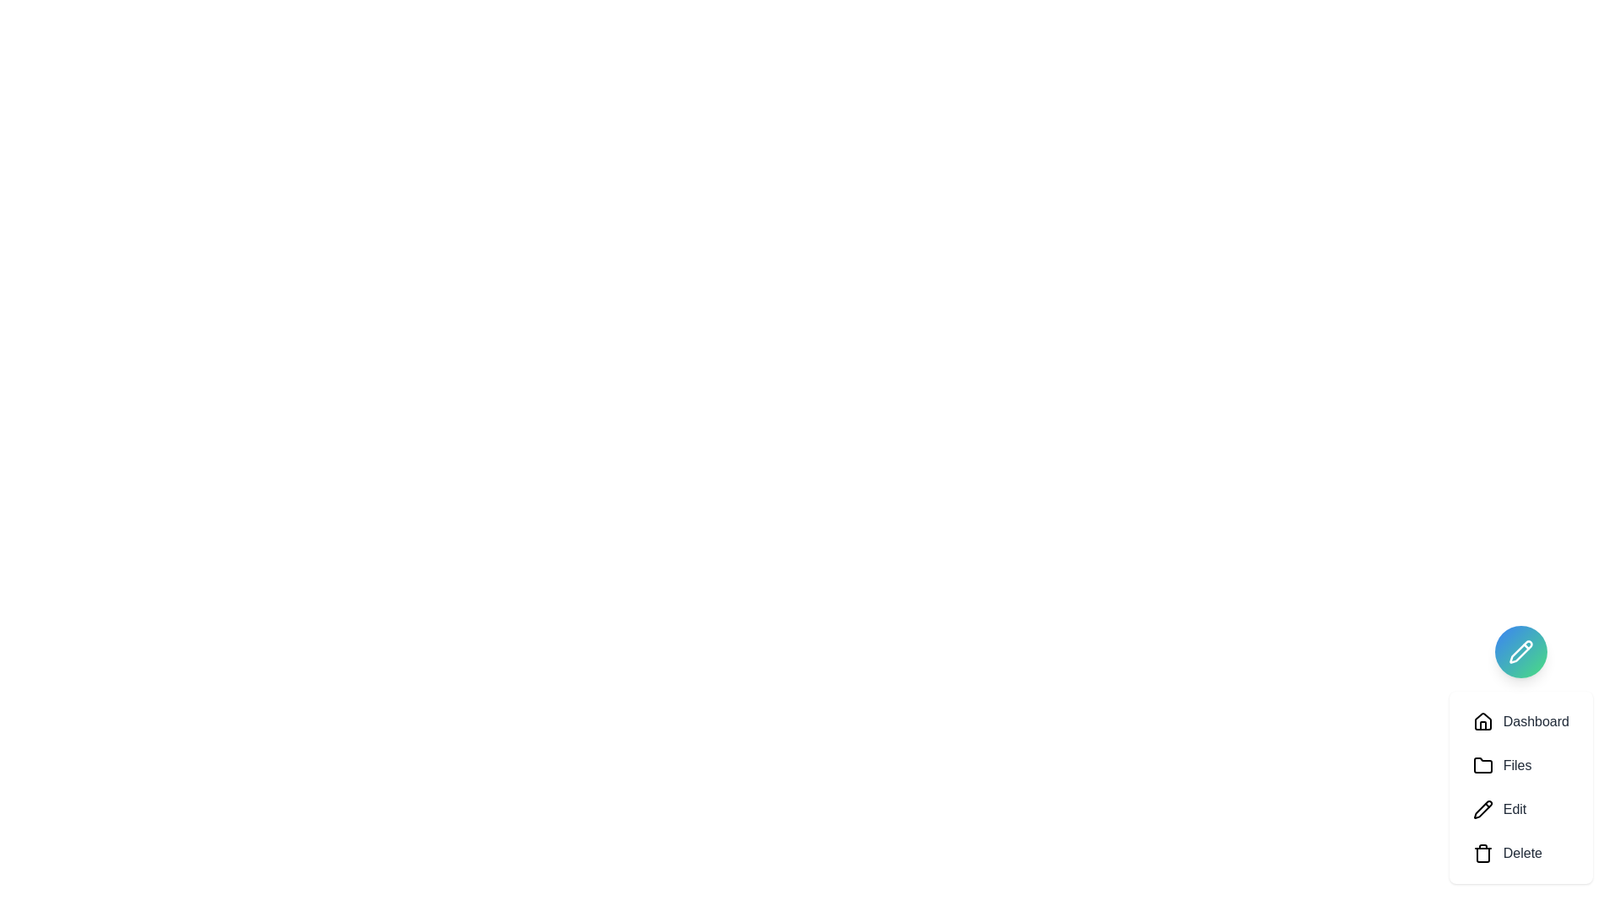 The image size is (1620, 911). What do you see at coordinates (1520, 853) in the screenshot?
I see `the option Delete from the speed dial menu` at bounding box center [1520, 853].